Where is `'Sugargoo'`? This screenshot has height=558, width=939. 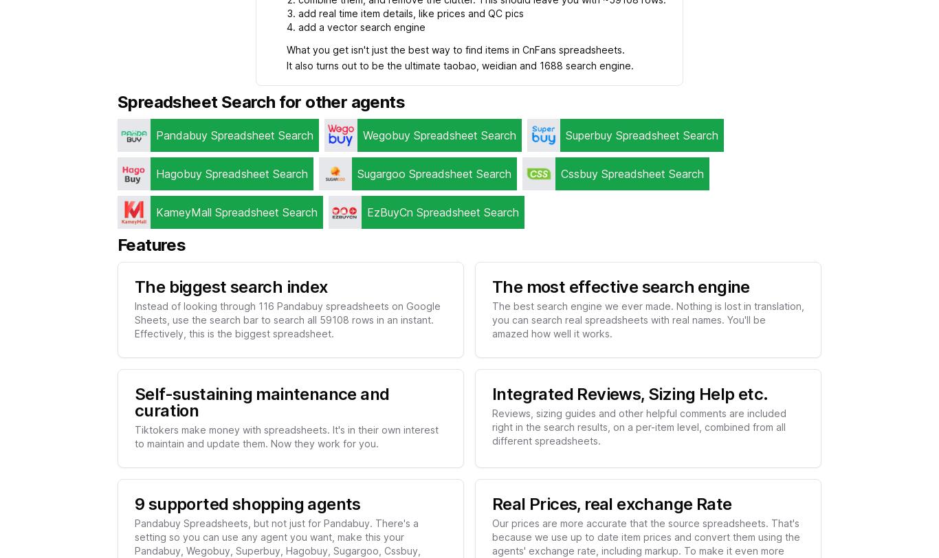 'Sugargoo' is located at coordinates (382, 172).